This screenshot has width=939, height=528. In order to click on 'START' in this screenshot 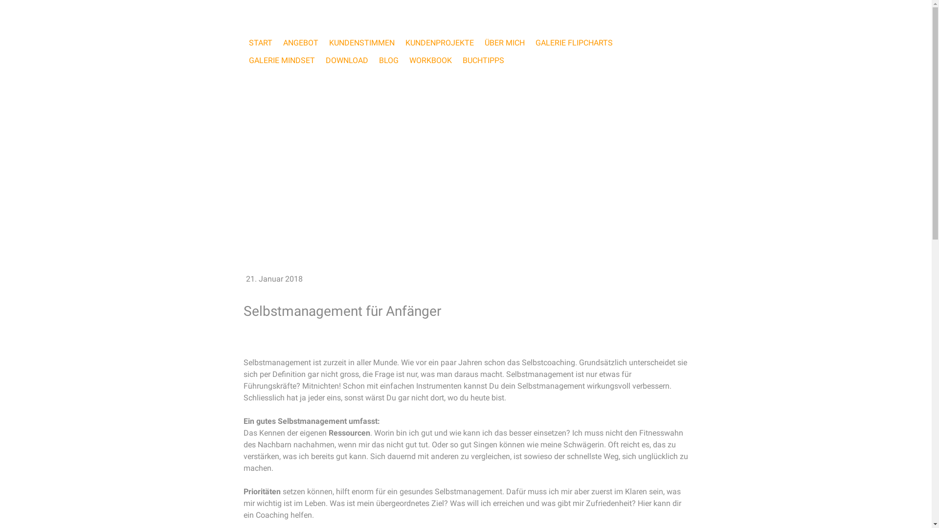, I will do `click(244, 43)`.